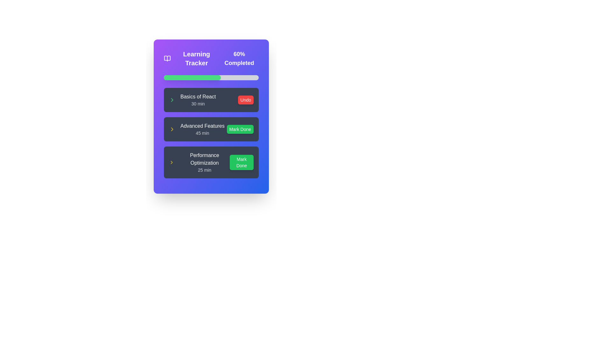 Image resolution: width=611 pixels, height=344 pixels. Describe the element at coordinates (202, 126) in the screenshot. I see `the text label that serves as the title for the entry 'Advanced Features 45 min'` at that location.